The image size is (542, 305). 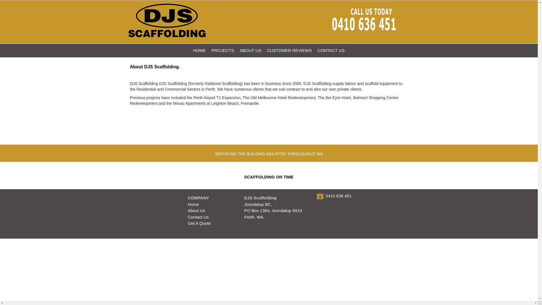 I want to click on '0410 636 451', so click(x=339, y=195).